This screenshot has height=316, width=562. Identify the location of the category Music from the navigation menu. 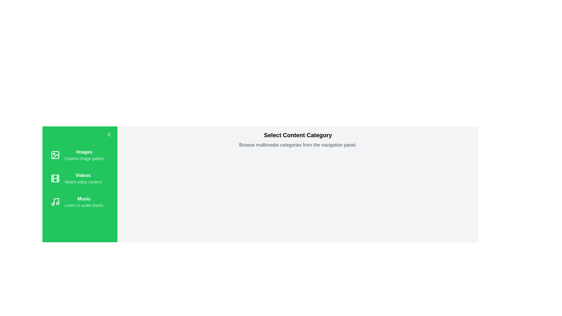
(80, 202).